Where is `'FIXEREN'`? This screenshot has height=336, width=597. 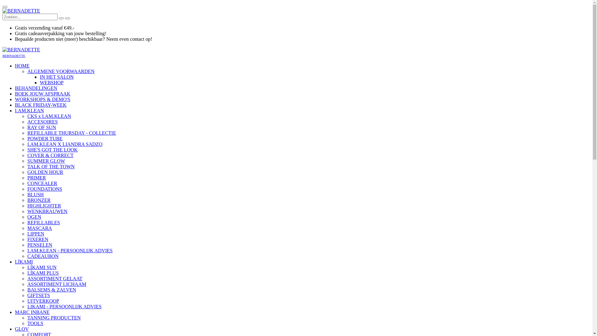 'FIXEREN' is located at coordinates (37, 239).